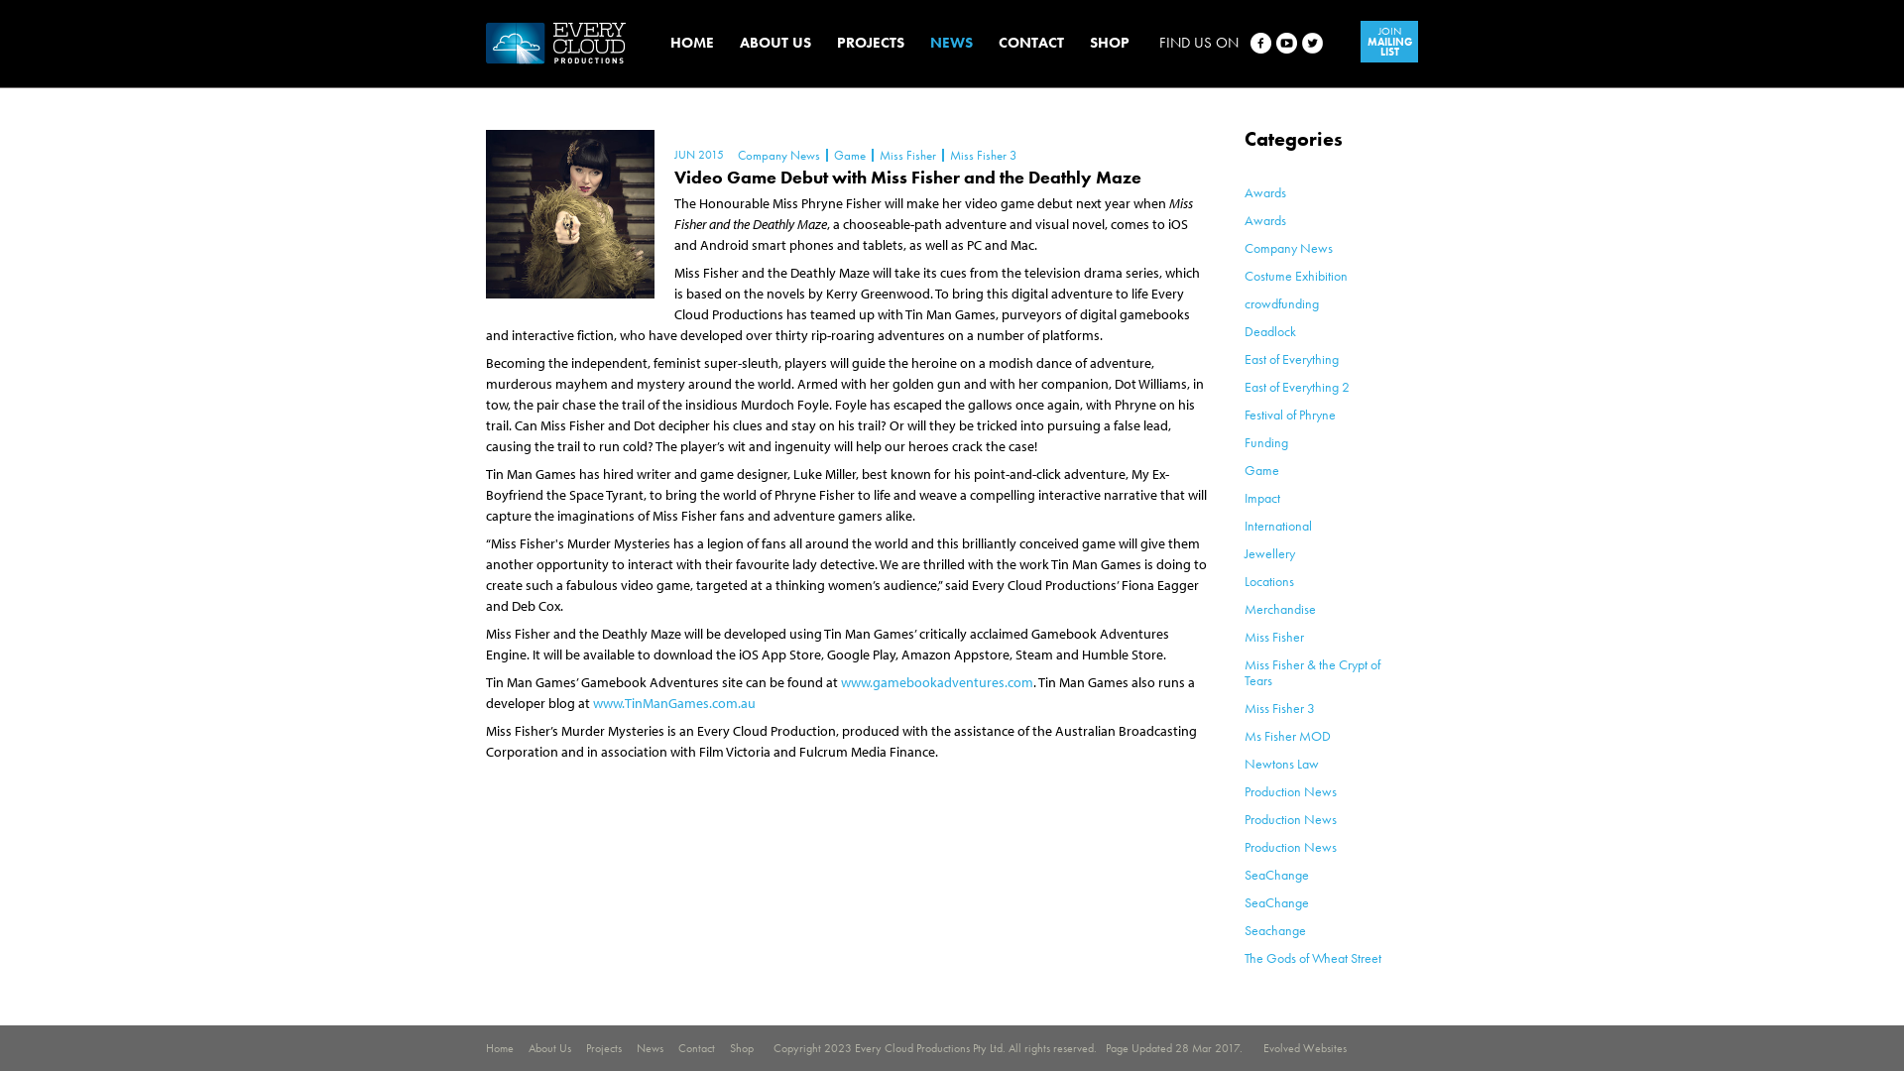 The image size is (1904, 1071). I want to click on 'Game', so click(1260, 470).